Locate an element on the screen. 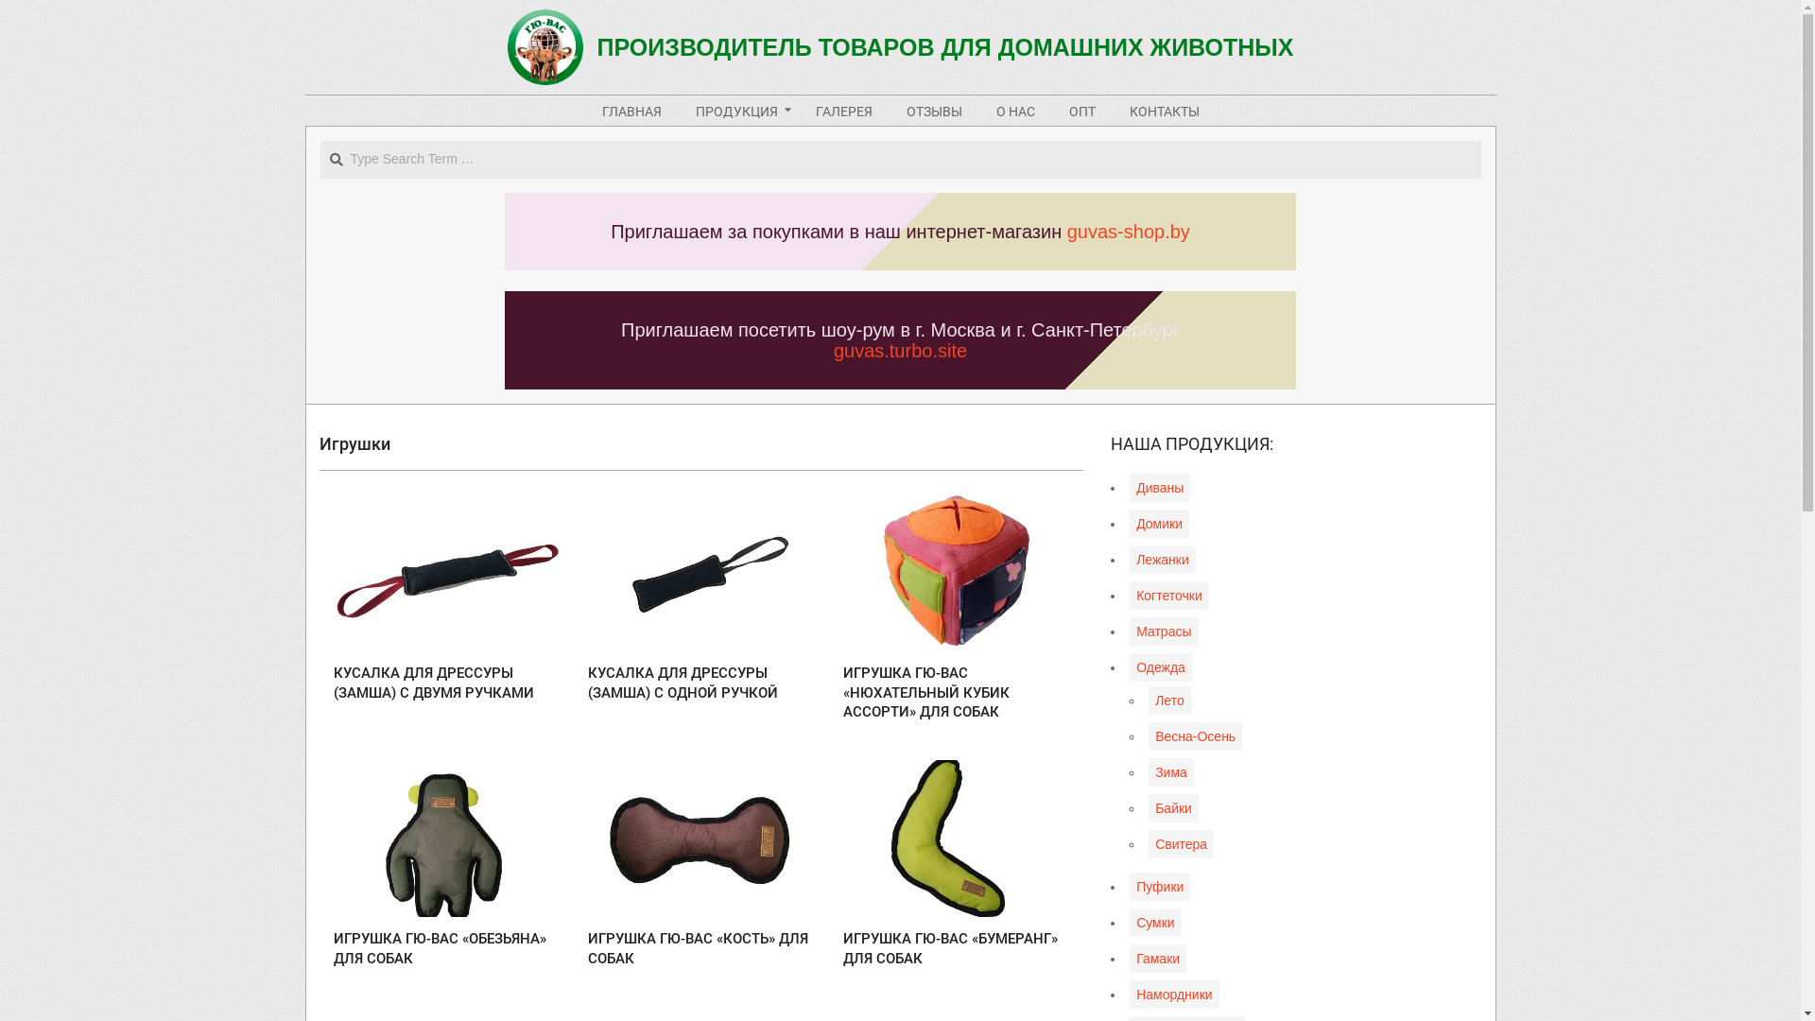 The height and width of the screenshot is (1021, 1815). 'guvas-shop.by' is located at coordinates (1129, 231).